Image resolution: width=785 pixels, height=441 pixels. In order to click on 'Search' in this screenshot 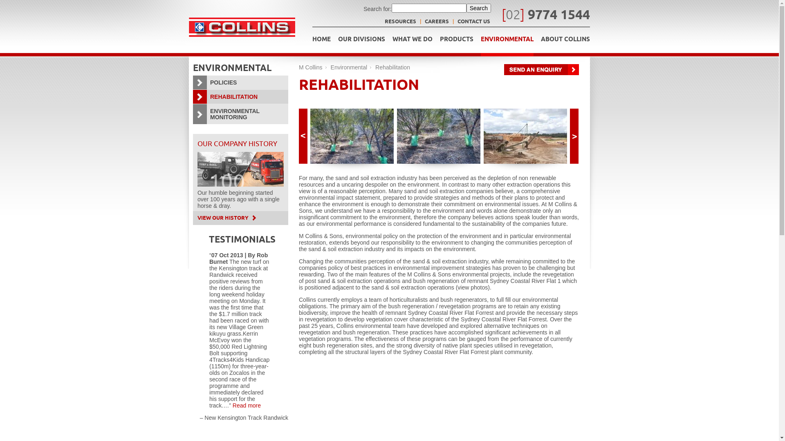, I will do `click(479, 8)`.